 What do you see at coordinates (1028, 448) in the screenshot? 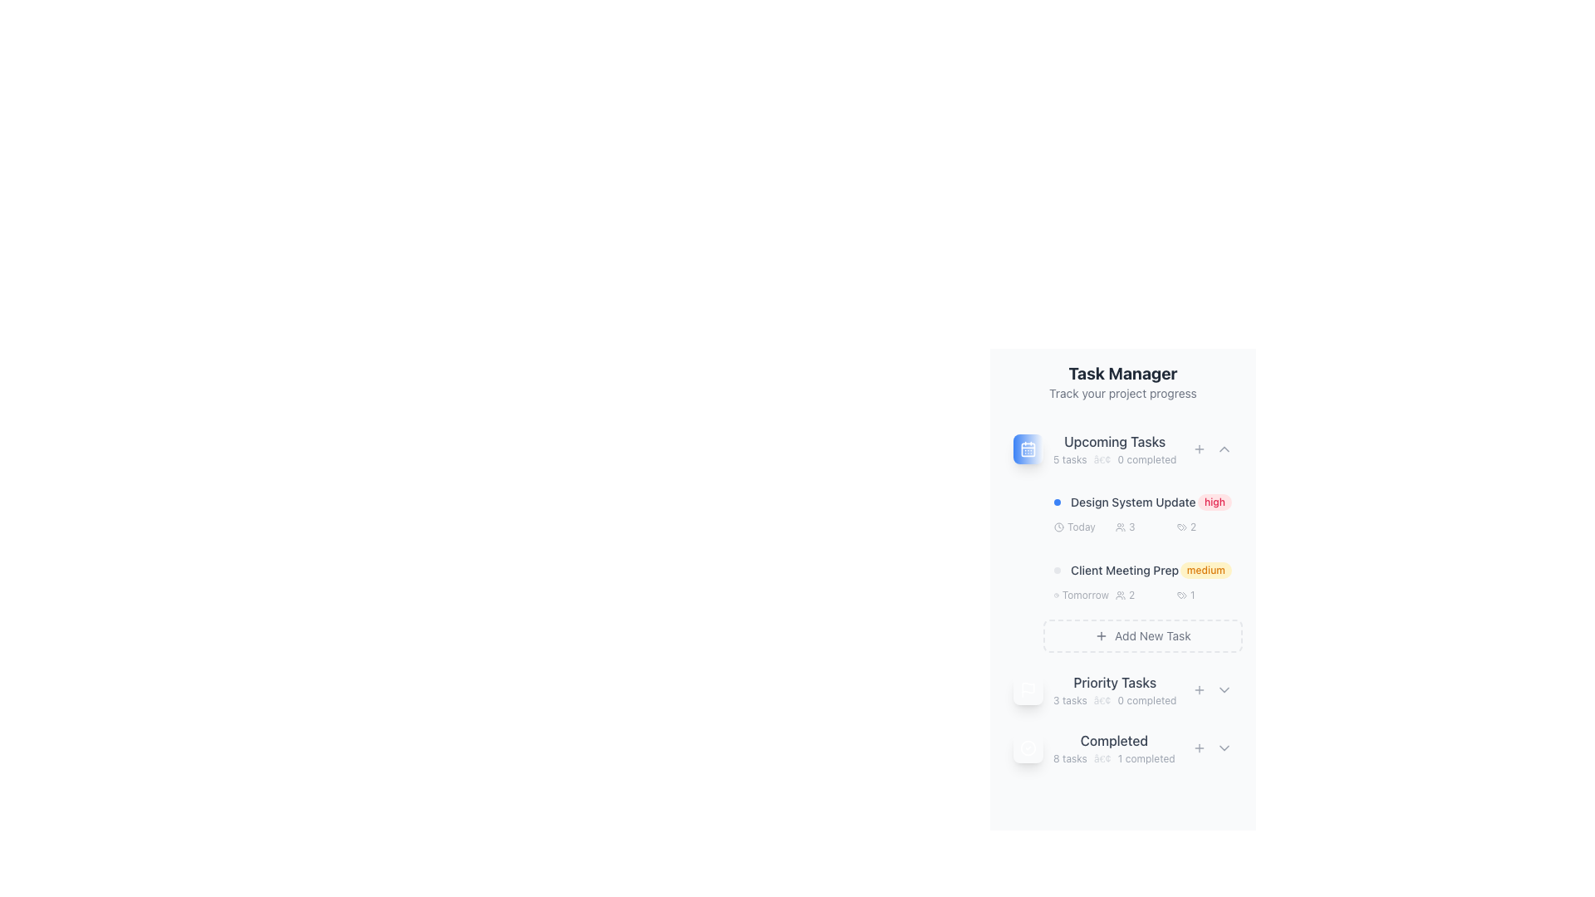
I see `the calendar icon located to the left of the 'Upcoming Tasks' text in the 'Upcoming Tasks' section to interact with it` at bounding box center [1028, 448].